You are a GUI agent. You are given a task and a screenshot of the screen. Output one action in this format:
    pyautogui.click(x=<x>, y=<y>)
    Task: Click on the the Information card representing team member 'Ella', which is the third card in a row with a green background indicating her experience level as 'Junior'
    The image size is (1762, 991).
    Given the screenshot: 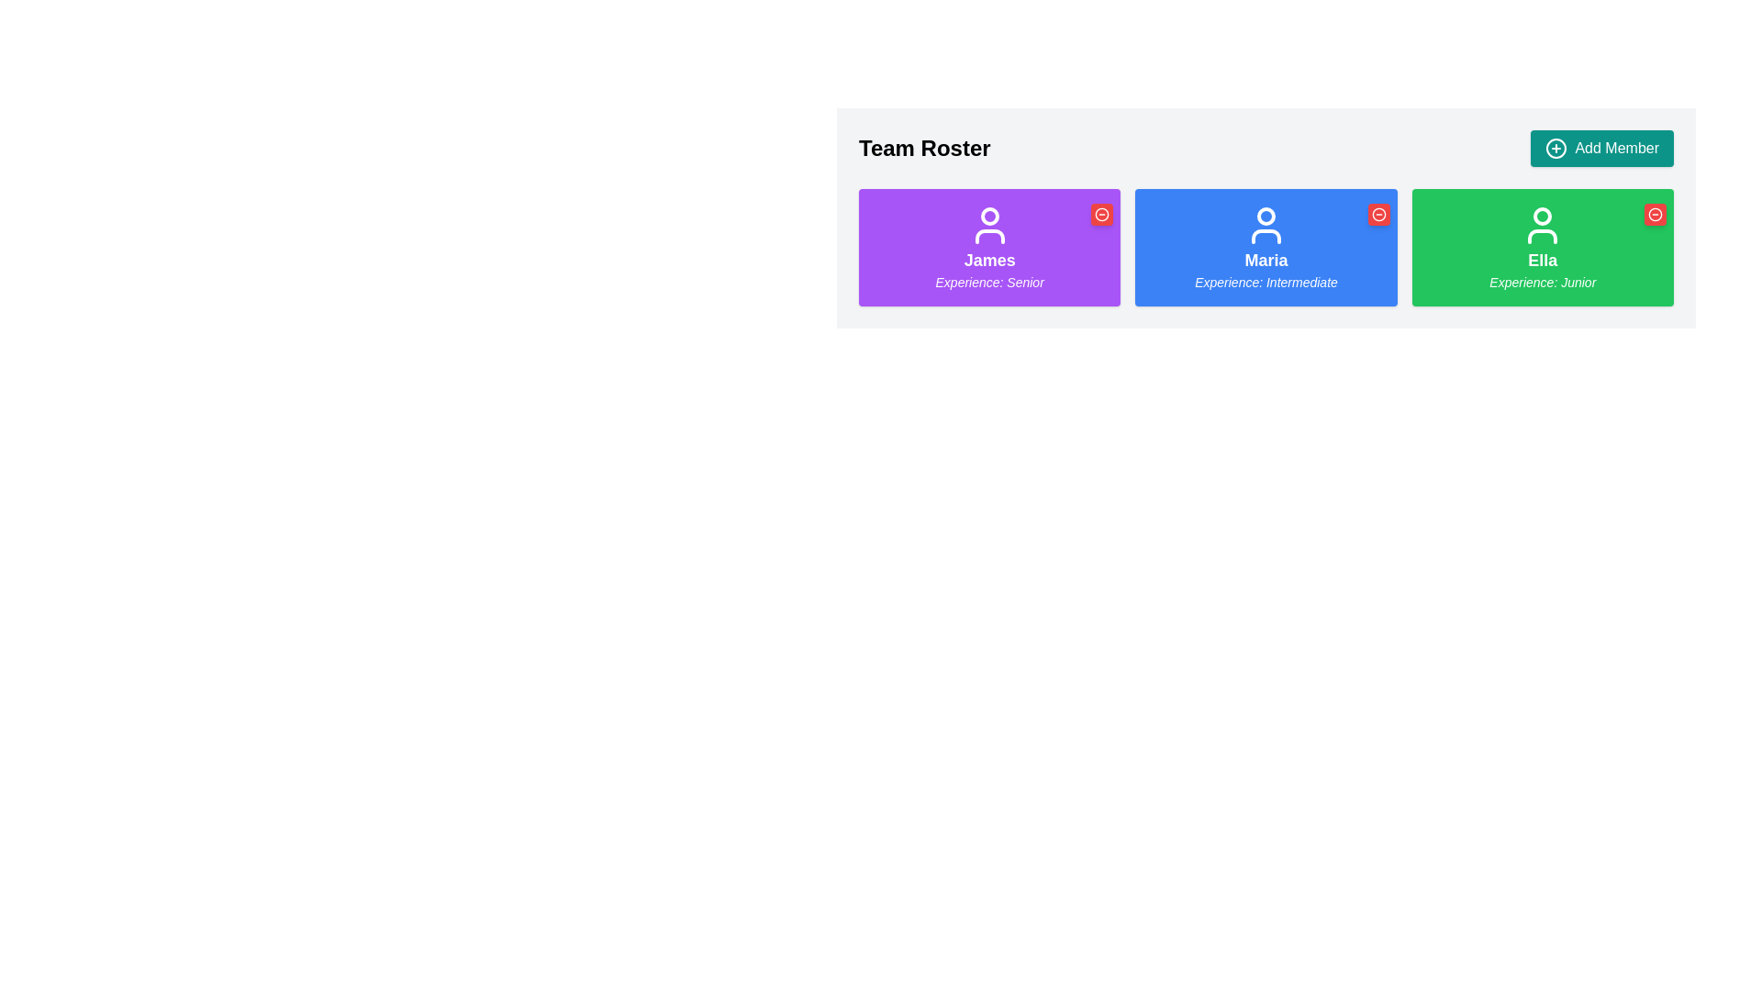 What is the action you would take?
    pyautogui.click(x=1542, y=248)
    